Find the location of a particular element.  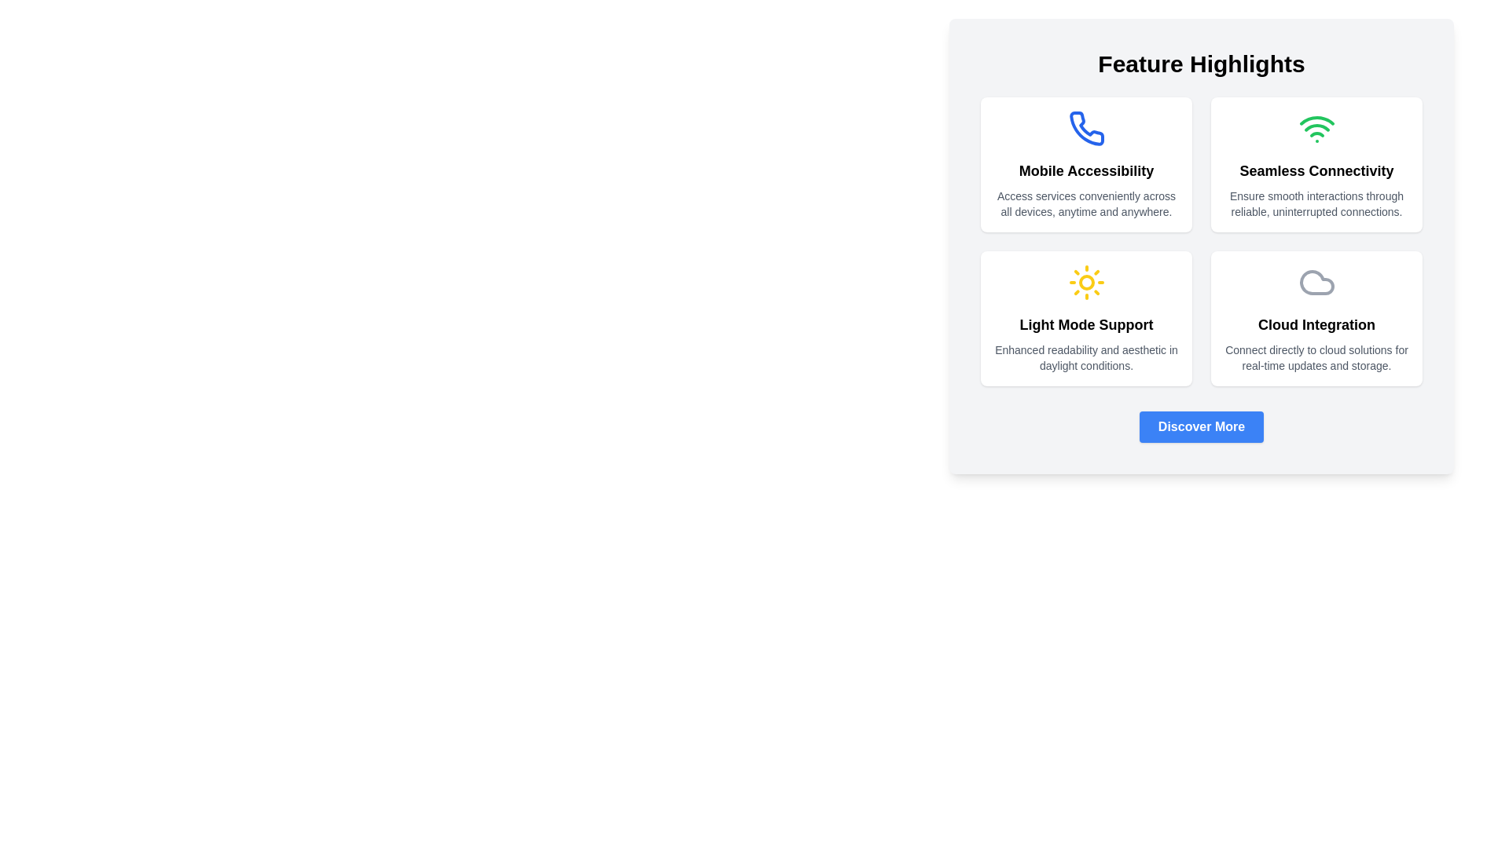

the blue phone icon in line art style located at the center of the 'Mobile Accessibility' card in the 'Feature Highlights' section is located at coordinates (1085, 128).